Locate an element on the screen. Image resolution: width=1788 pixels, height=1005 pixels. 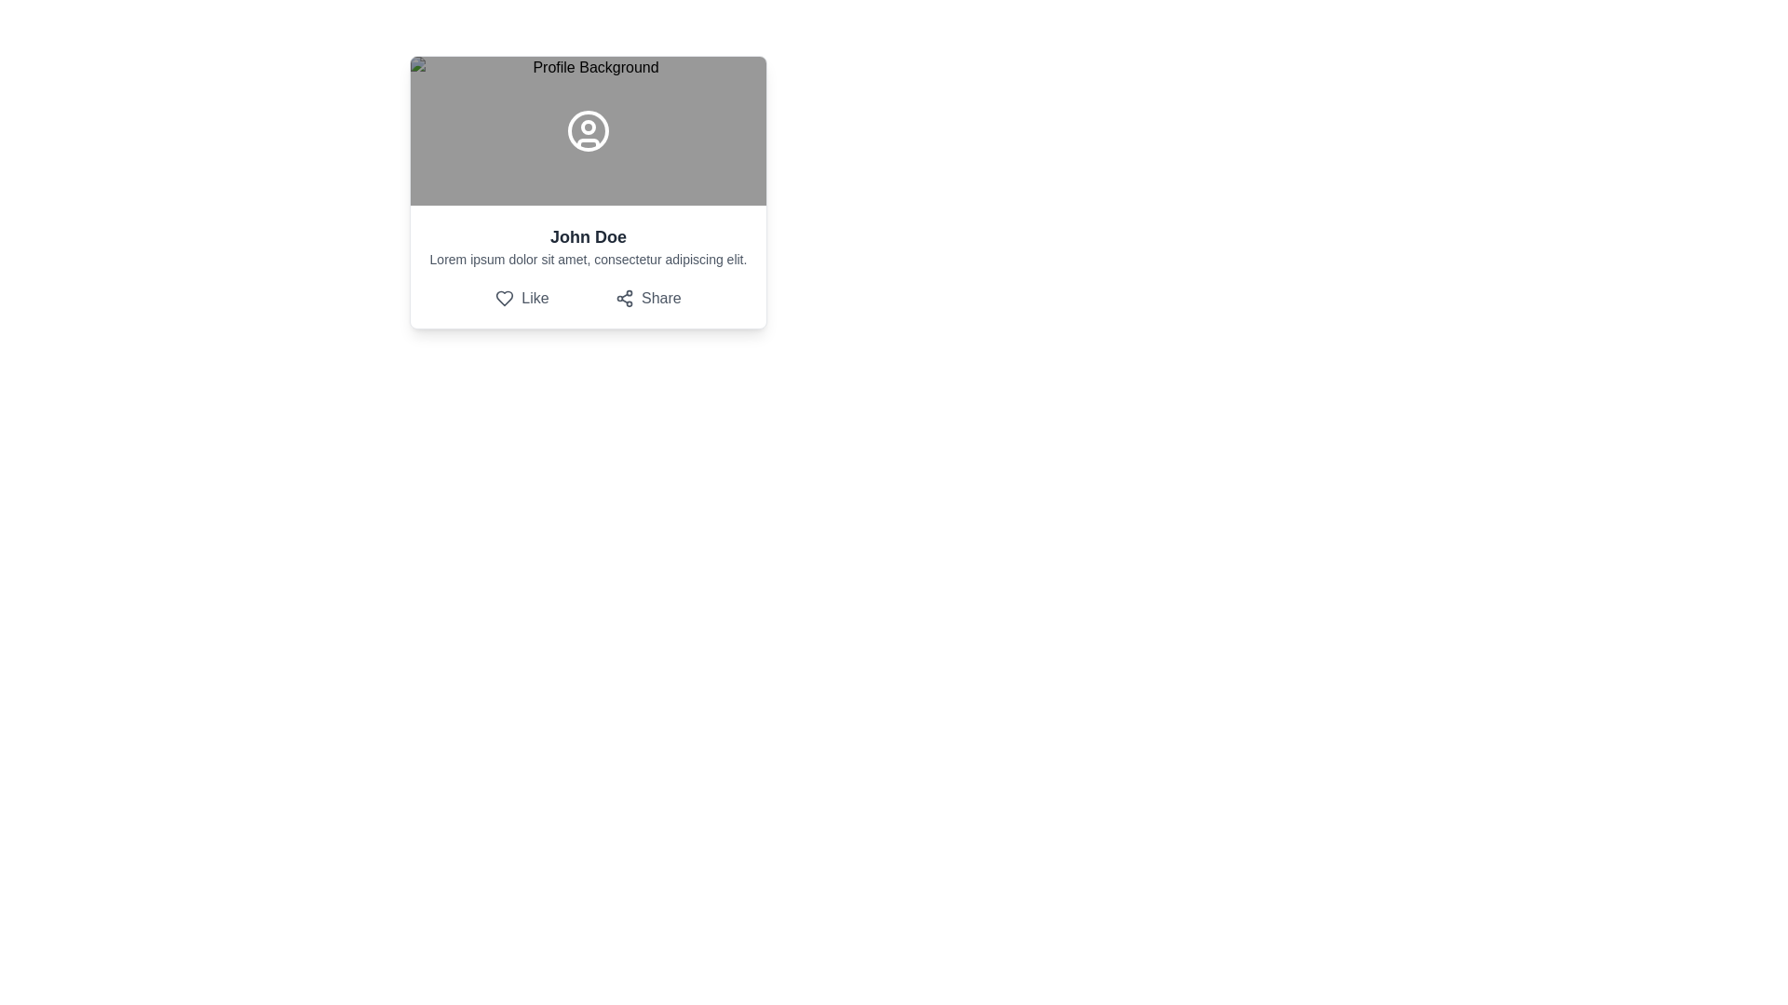
the circular graphical element that is centrally positioned within a larger circular structure in the top area of the profile card widget is located at coordinates (588, 127).